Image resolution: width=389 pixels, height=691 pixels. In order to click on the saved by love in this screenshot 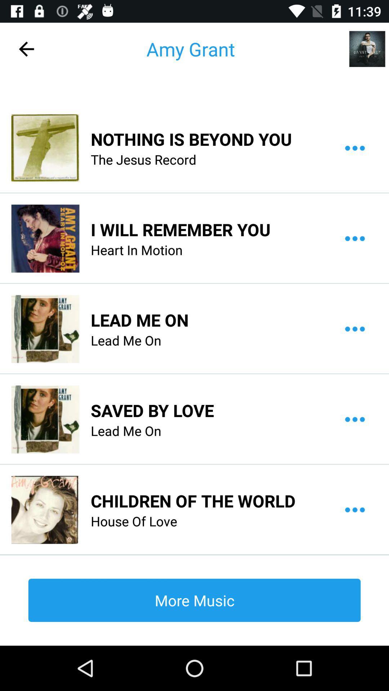, I will do `click(152, 410)`.